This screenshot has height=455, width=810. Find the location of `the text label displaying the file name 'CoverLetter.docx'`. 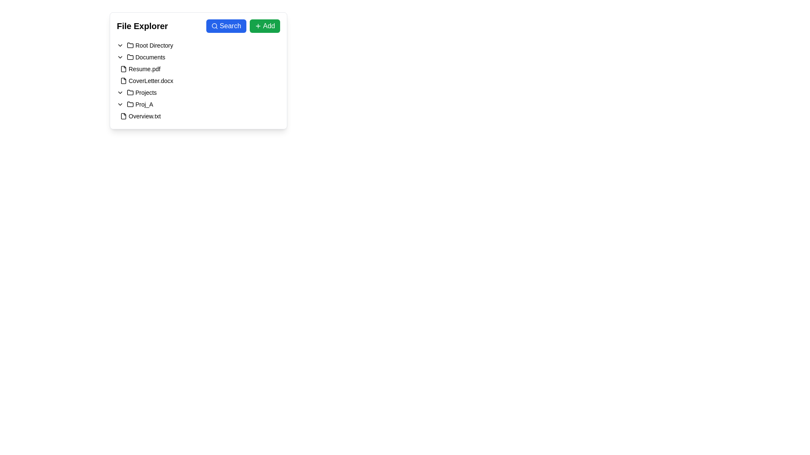

the text label displaying the file name 'CoverLetter.docx' is located at coordinates (151, 81).